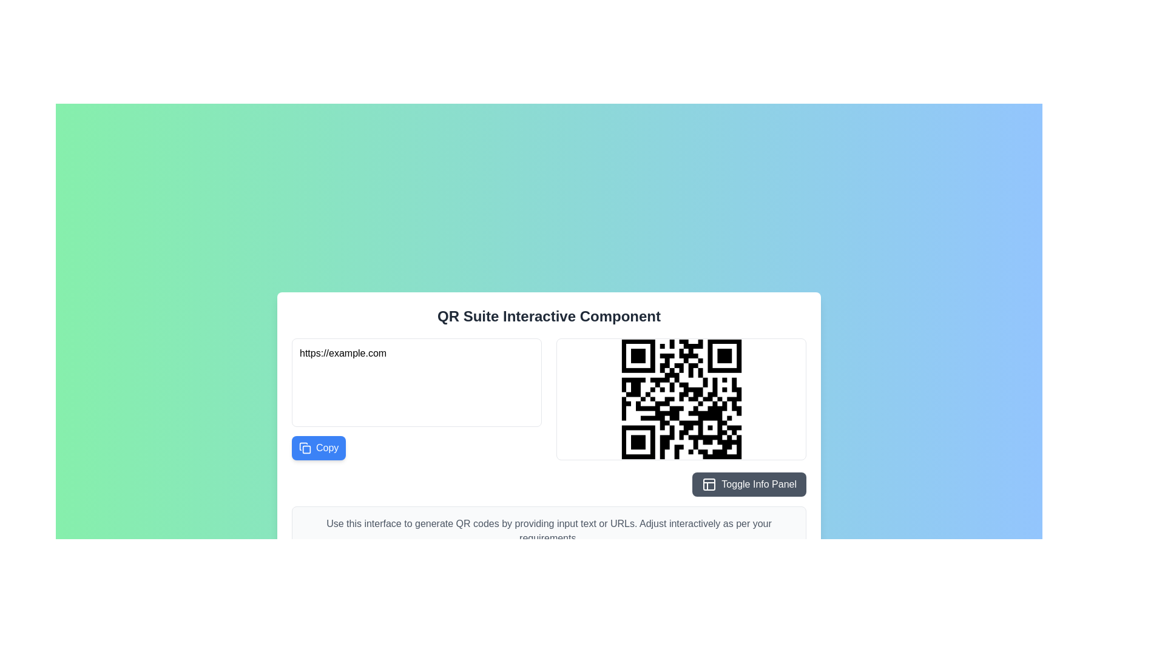 Image resolution: width=1165 pixels, height=655 pixels. Describe the element at coordinates (709, 483) in the screenshot. I see `the decorative icon representing 'panels' located to the left of the 'Toggle Info Panel' text within the gray button at the bottom right of the main panel` at that location.